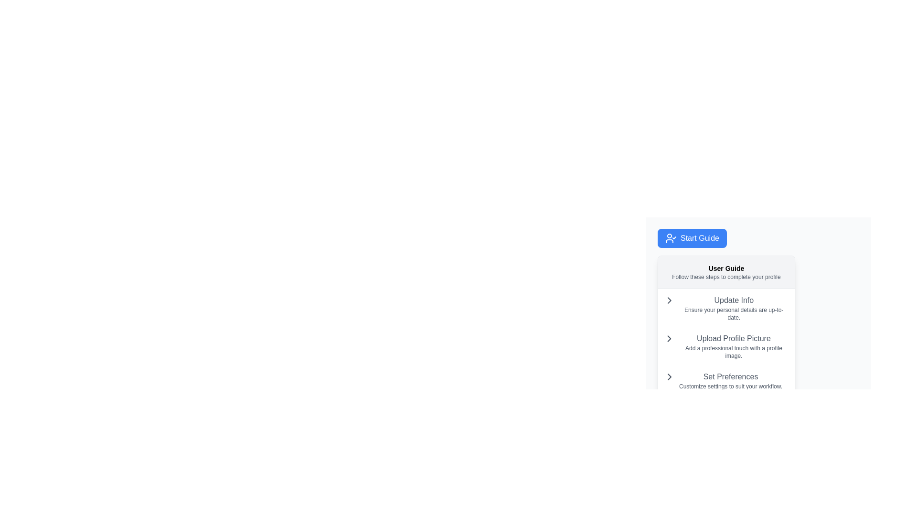 This screenshot has height=516, width=917. I want to click on the 'Upload Profile Picture' navigation link, so click(726, 346).